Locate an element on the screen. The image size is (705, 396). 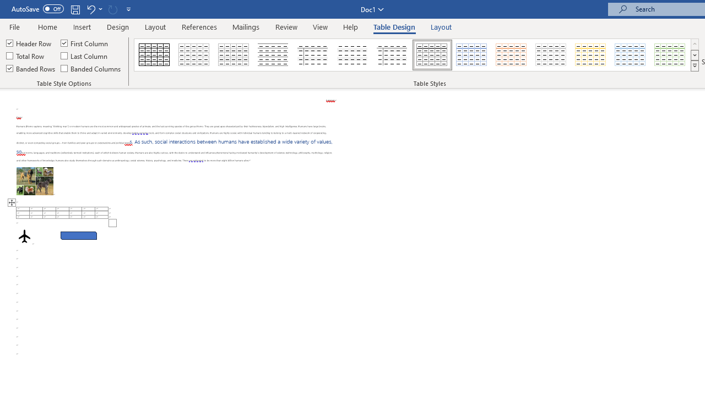
'Table Design' is located at coordinates (394, 26).